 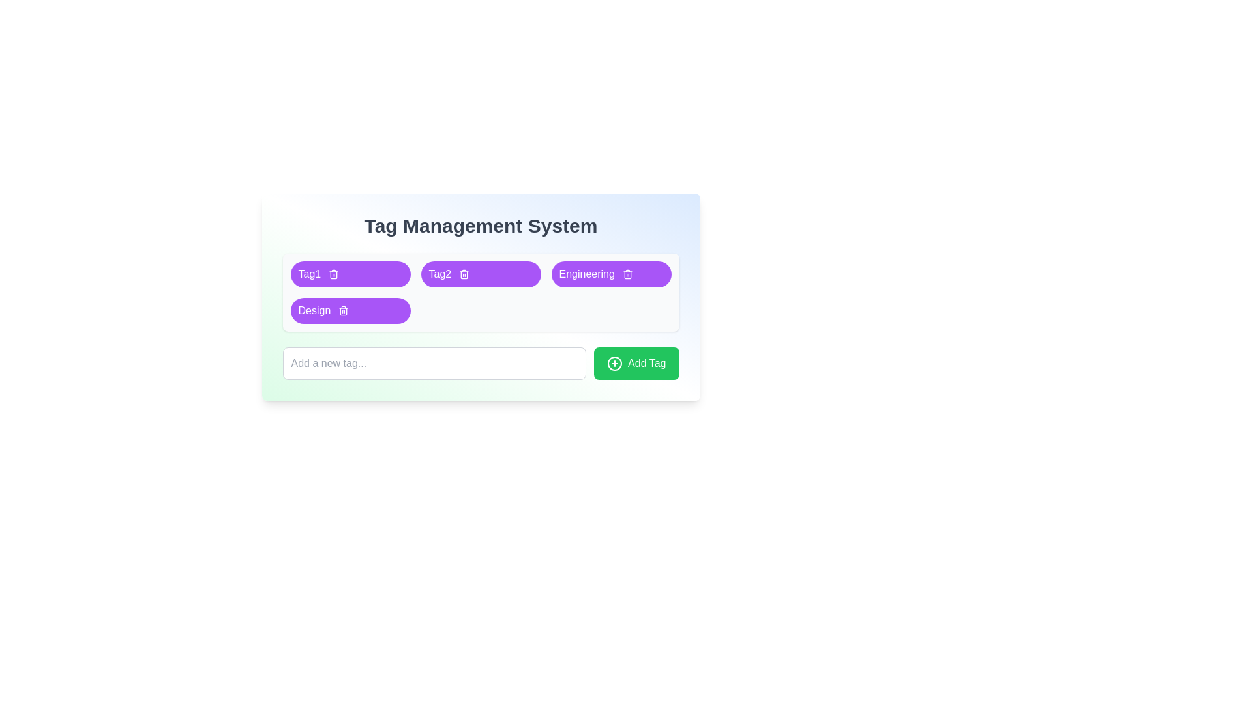 What do you see at coordinates (344, 312) in the screenshot?
I see `the trash bin icon button located in the fourth tag pill of the second row, next to the 'Design [Remove]' text label` at bounding box center [344, 312].